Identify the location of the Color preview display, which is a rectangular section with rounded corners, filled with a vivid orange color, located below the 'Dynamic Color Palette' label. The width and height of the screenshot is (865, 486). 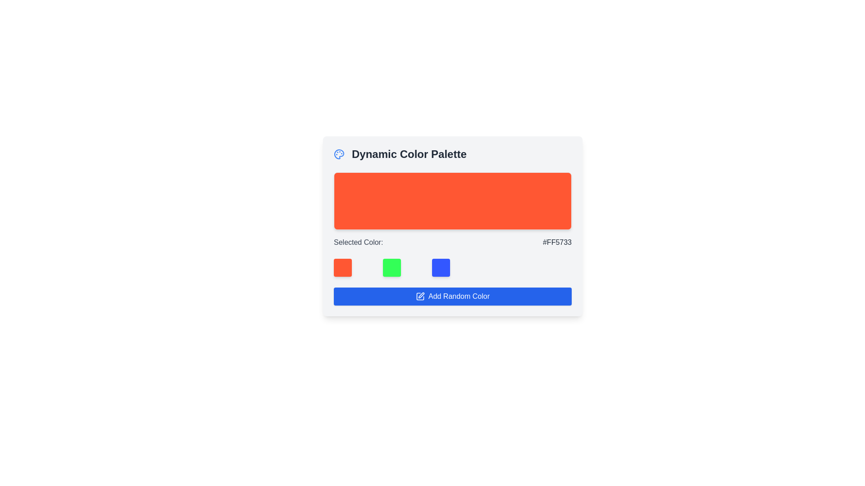
(452, 225).